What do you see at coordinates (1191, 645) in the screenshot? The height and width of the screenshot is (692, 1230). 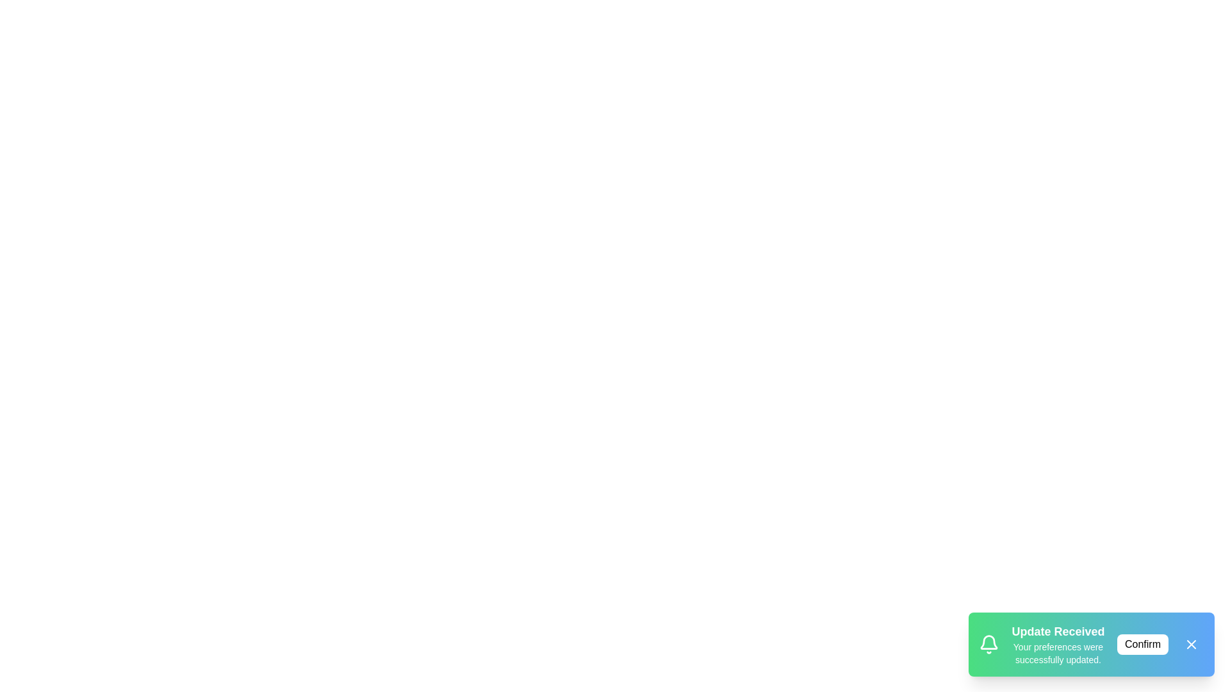 I see `close button to dismiss the snackbar` at bounding box center [1191, 645].